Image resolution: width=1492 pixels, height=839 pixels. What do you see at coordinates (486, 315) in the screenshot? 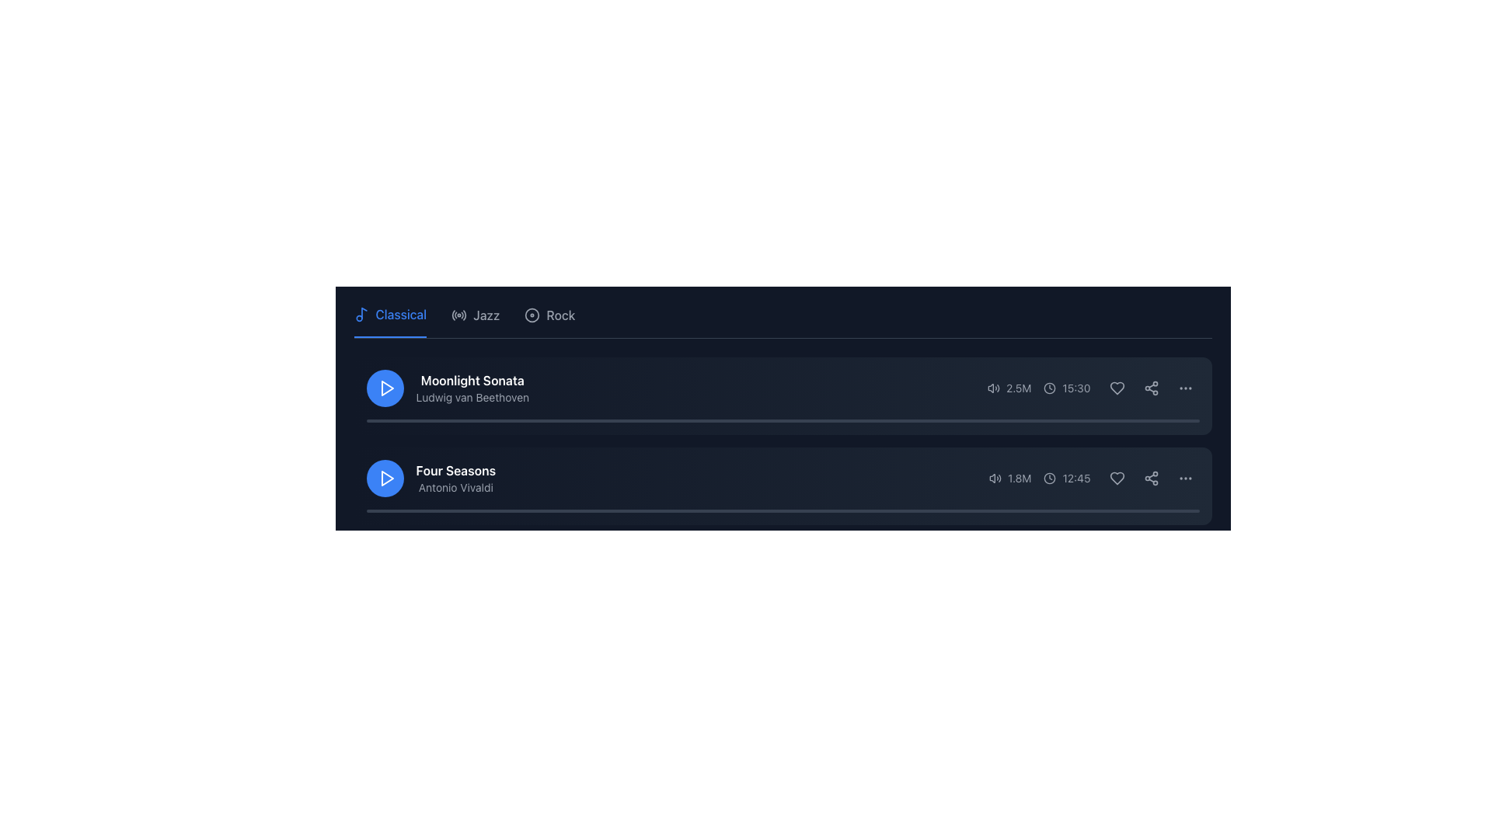
I see `the 'Jazz' genre text label in the top navigation bar` at bounding box center [486, 315].